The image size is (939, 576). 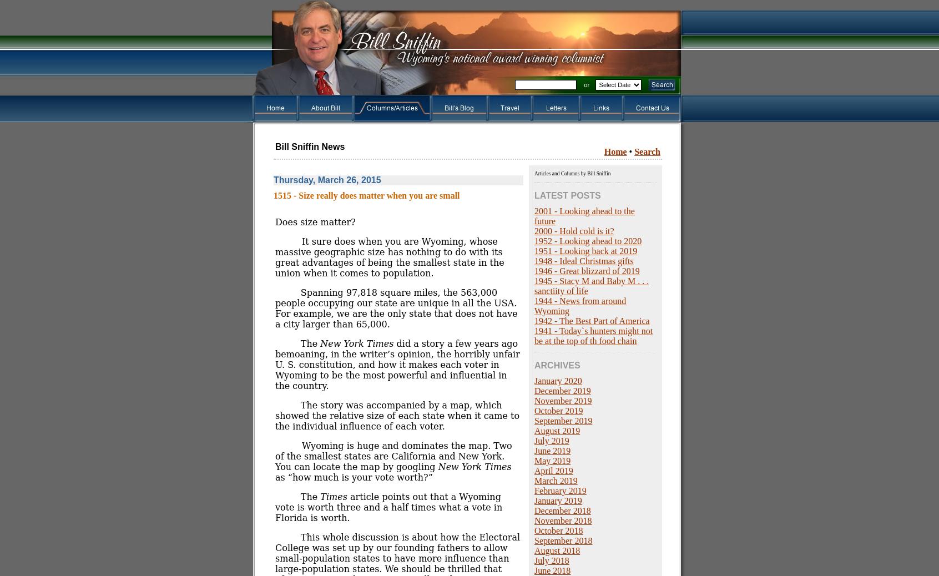 I want to click on 'September 2018', so click(x=563, y=540).